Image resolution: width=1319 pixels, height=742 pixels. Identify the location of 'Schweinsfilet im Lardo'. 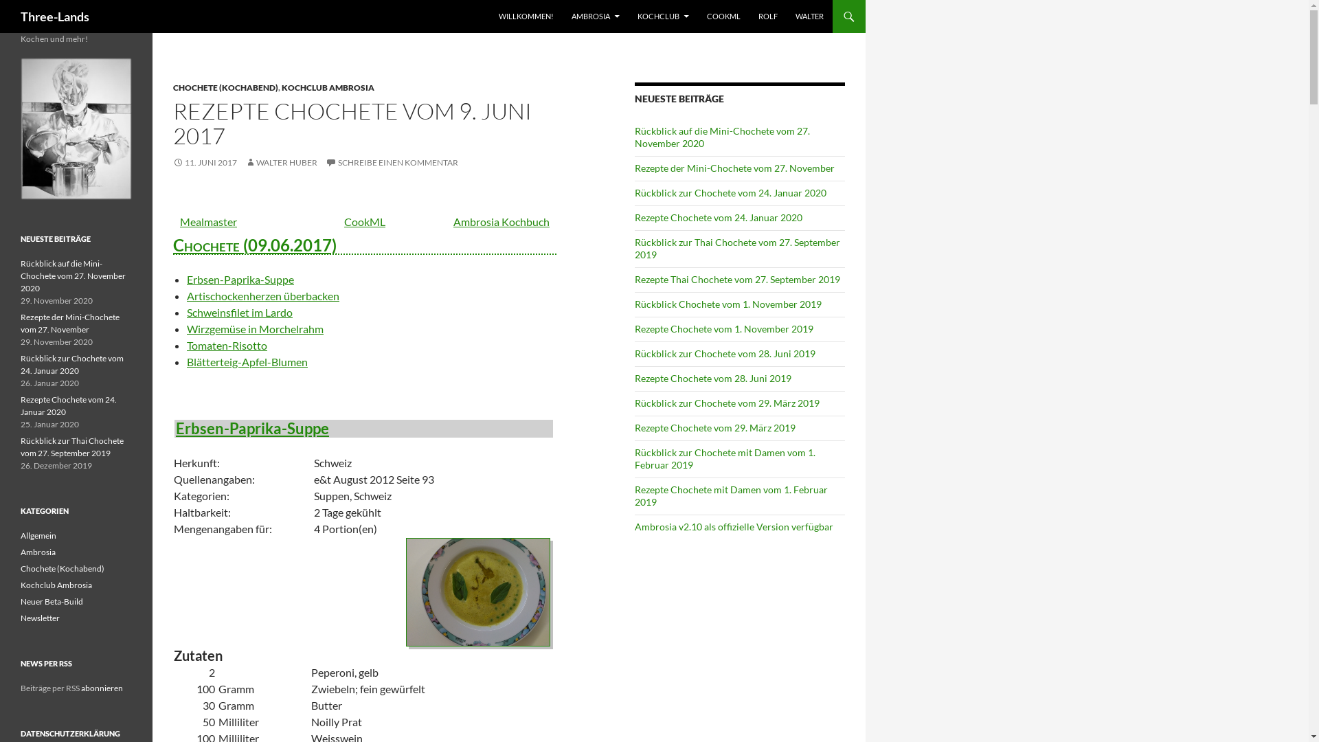
(240, 312).